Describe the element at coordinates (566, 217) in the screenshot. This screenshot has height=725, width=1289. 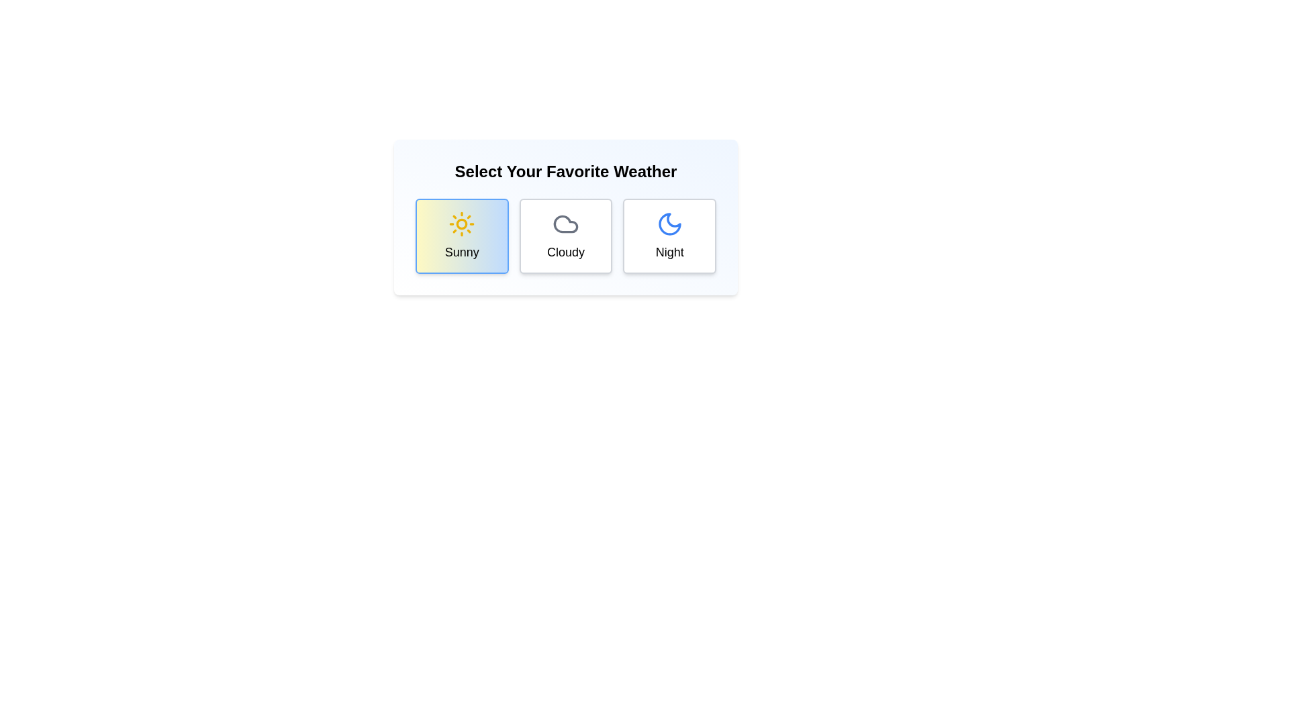
I see `any weather card within the interactive card group, which features a gradient background and includes the title 'Select Your Favorite Weather' along with three weather options: Sunny, Cloudy, and Night` at that location.